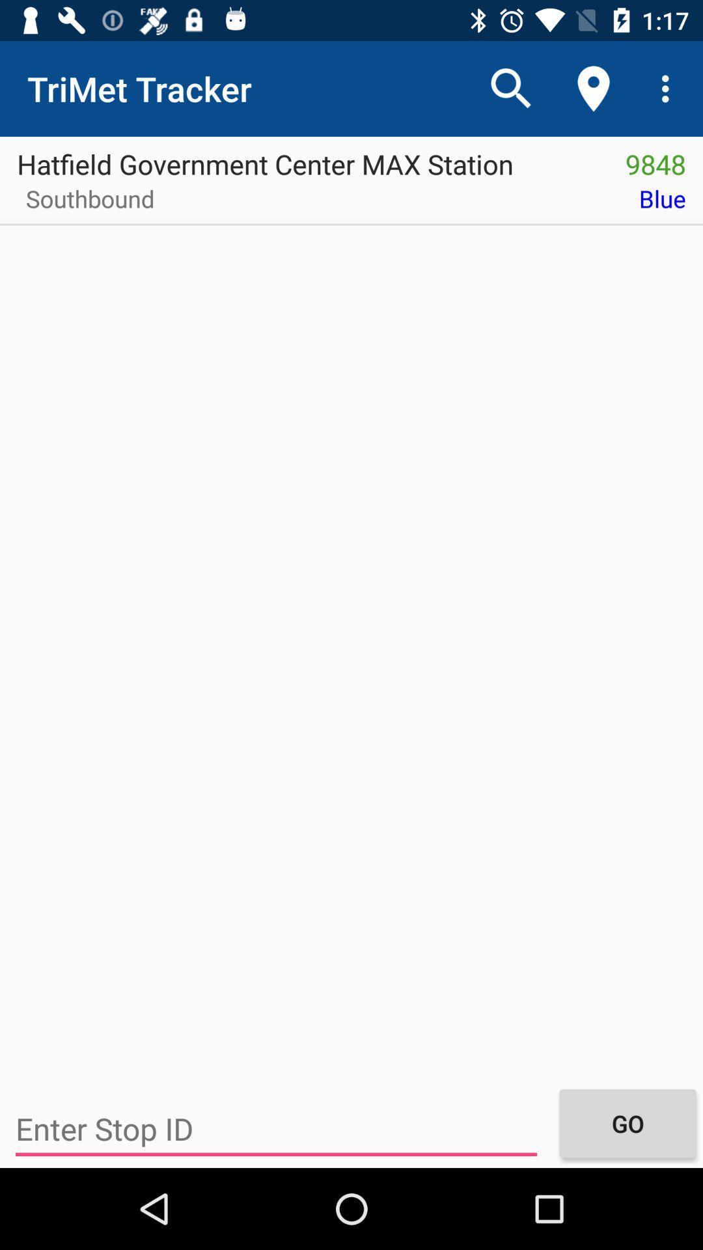  I want to click on icon above hatfield government center icon, so click(511, 88).